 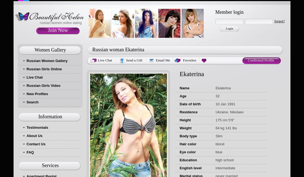 I want to click on 'Women Gallery', so click(x=50, y=49).